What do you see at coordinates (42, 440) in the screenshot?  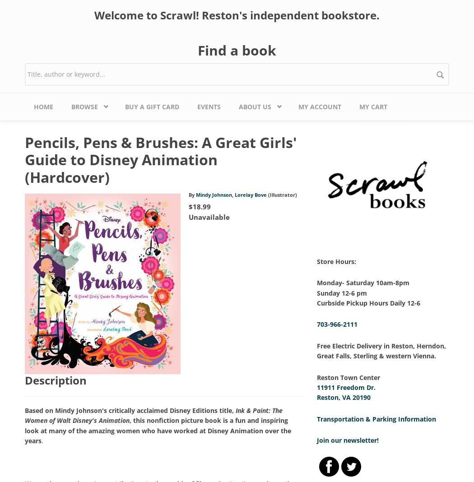 I see `'.'` at bounding box center [42, 440].